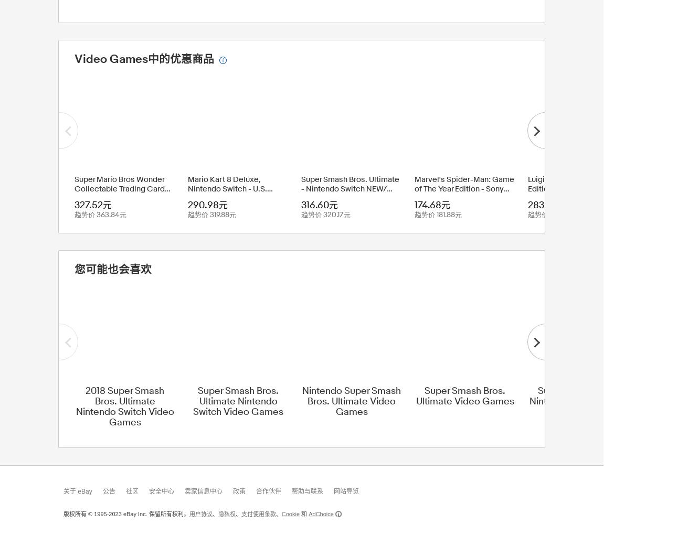  I want to click on 'Super Smash Bros. Nintendo Switch Video Games', so click(578, 400).